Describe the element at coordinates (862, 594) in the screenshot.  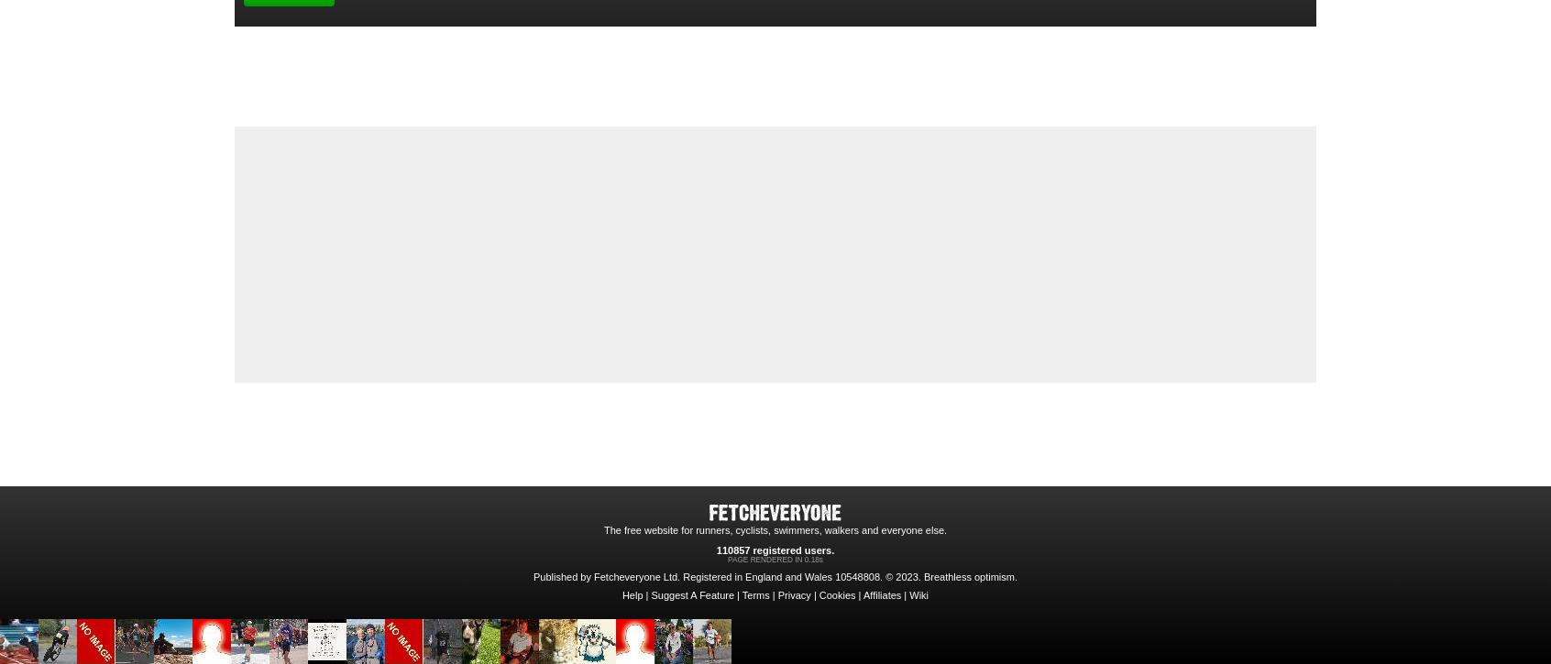
I see `'Affiliates'` at that location.